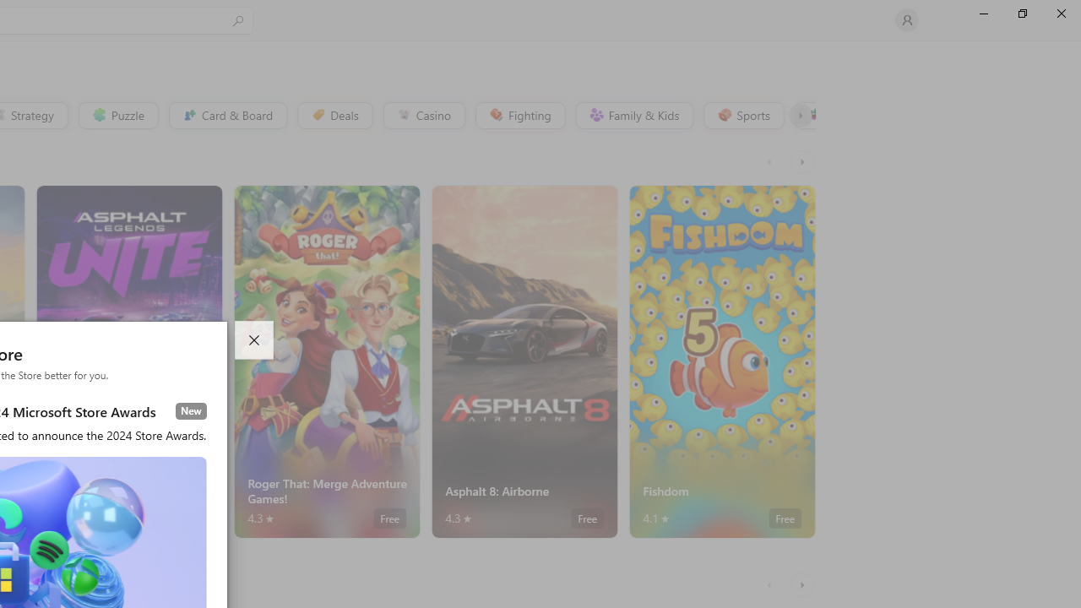 The image size is (1081, 608). Describe the element at coordinates (633, 114) in the screenshot. I see `'Family & Kids'` at that location.